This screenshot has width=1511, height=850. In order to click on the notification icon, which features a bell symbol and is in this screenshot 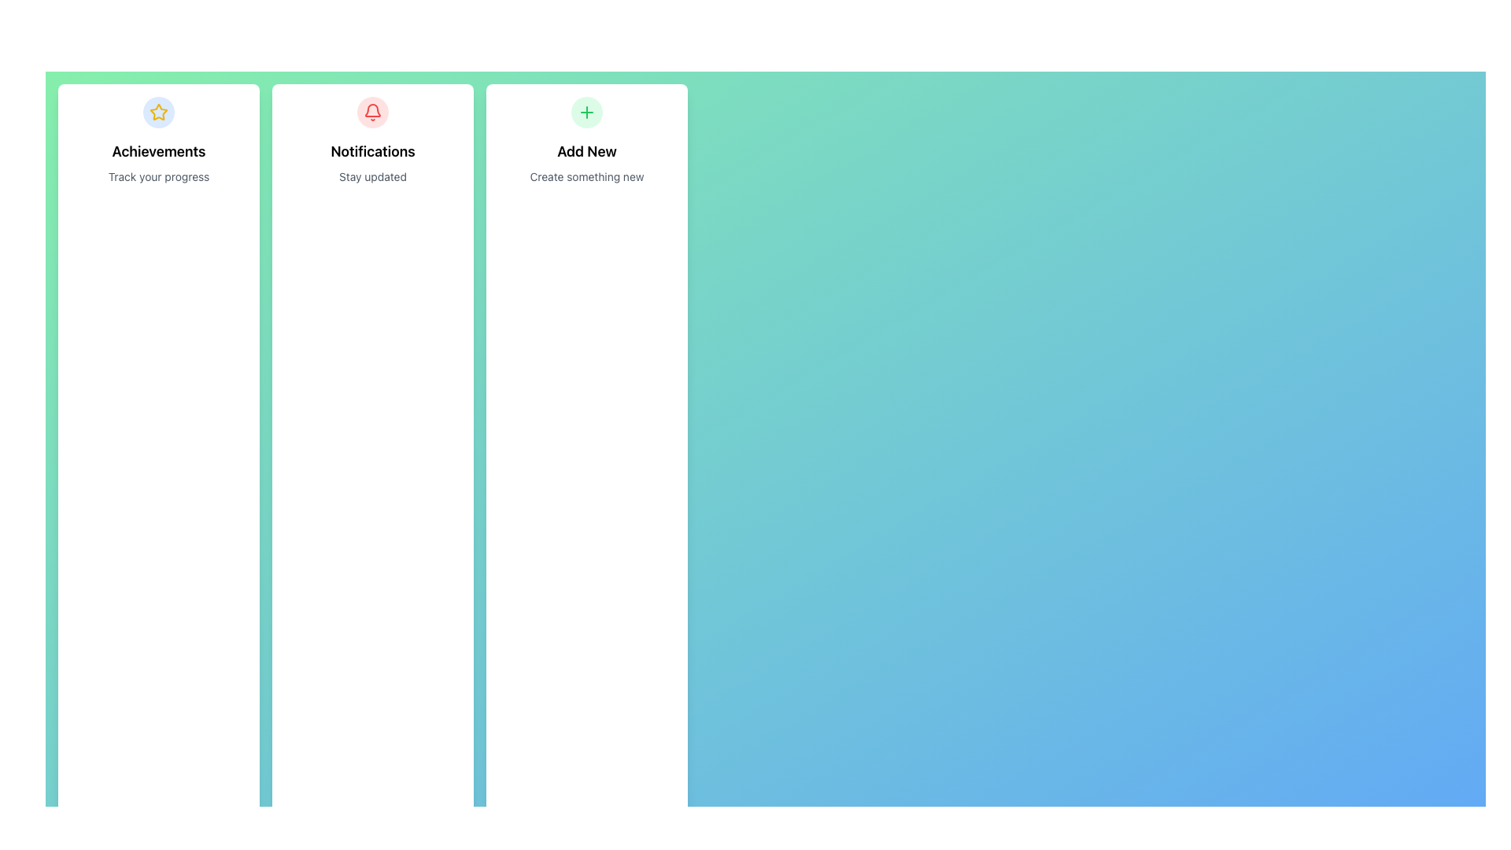, I will do `click(372, 111)`.